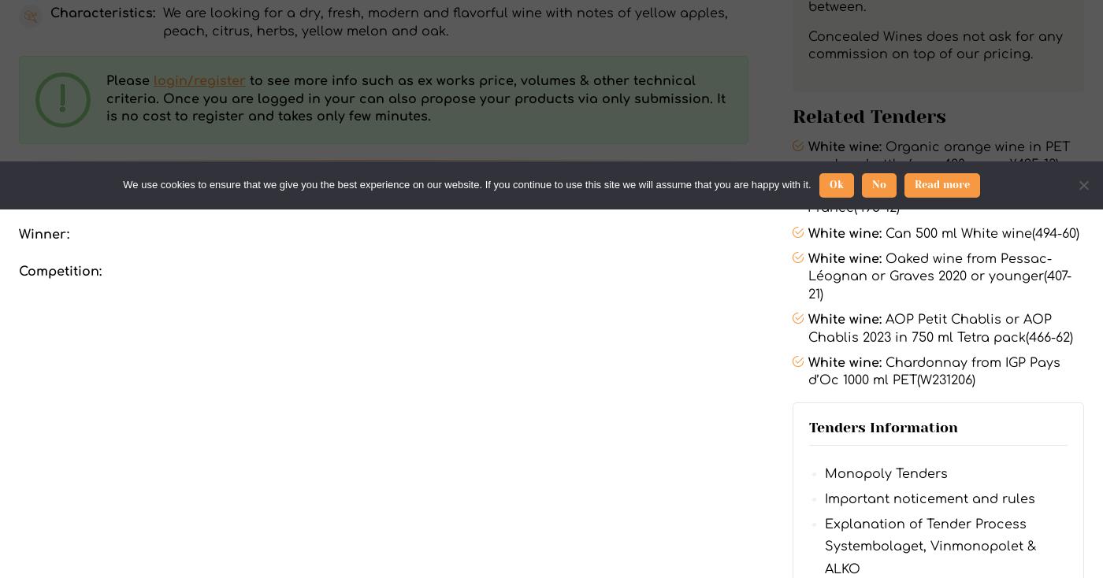  Describe the element at coordinates (933, 371) in the screenshot. I see `'Chardonnay from IGP Pays d’Oc 1000 ml PET(W231206)'` at that location.